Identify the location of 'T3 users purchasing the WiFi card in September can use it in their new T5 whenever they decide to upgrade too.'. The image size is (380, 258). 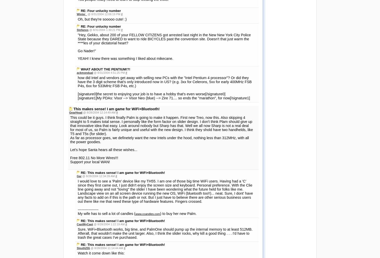
(165, 168).